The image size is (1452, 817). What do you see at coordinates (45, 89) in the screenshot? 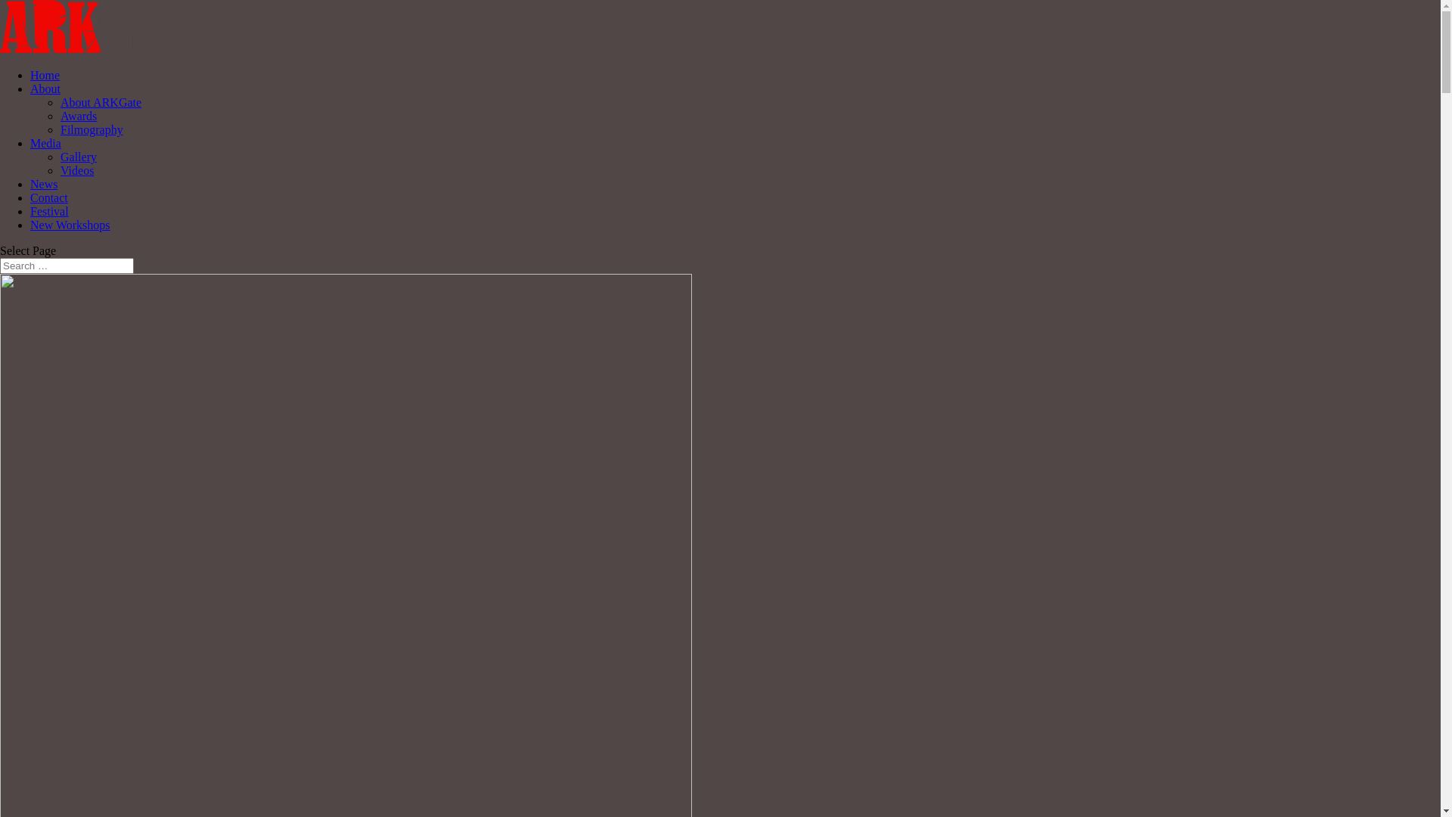
I see `'About'` at bounding box center [45, 89].